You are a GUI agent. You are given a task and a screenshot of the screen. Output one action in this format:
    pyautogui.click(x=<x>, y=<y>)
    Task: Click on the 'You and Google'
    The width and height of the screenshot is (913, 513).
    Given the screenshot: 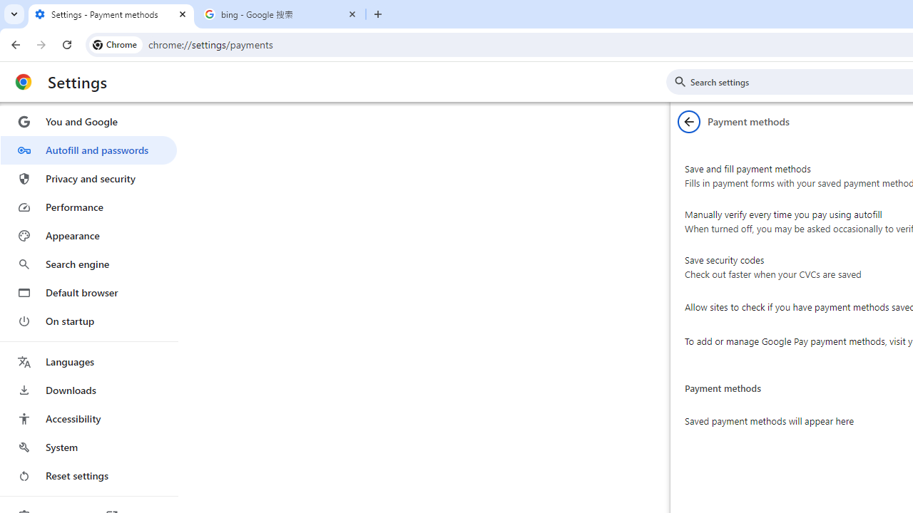 What is the action you would take?
    pyautogui.click(x=88, y=121)
    